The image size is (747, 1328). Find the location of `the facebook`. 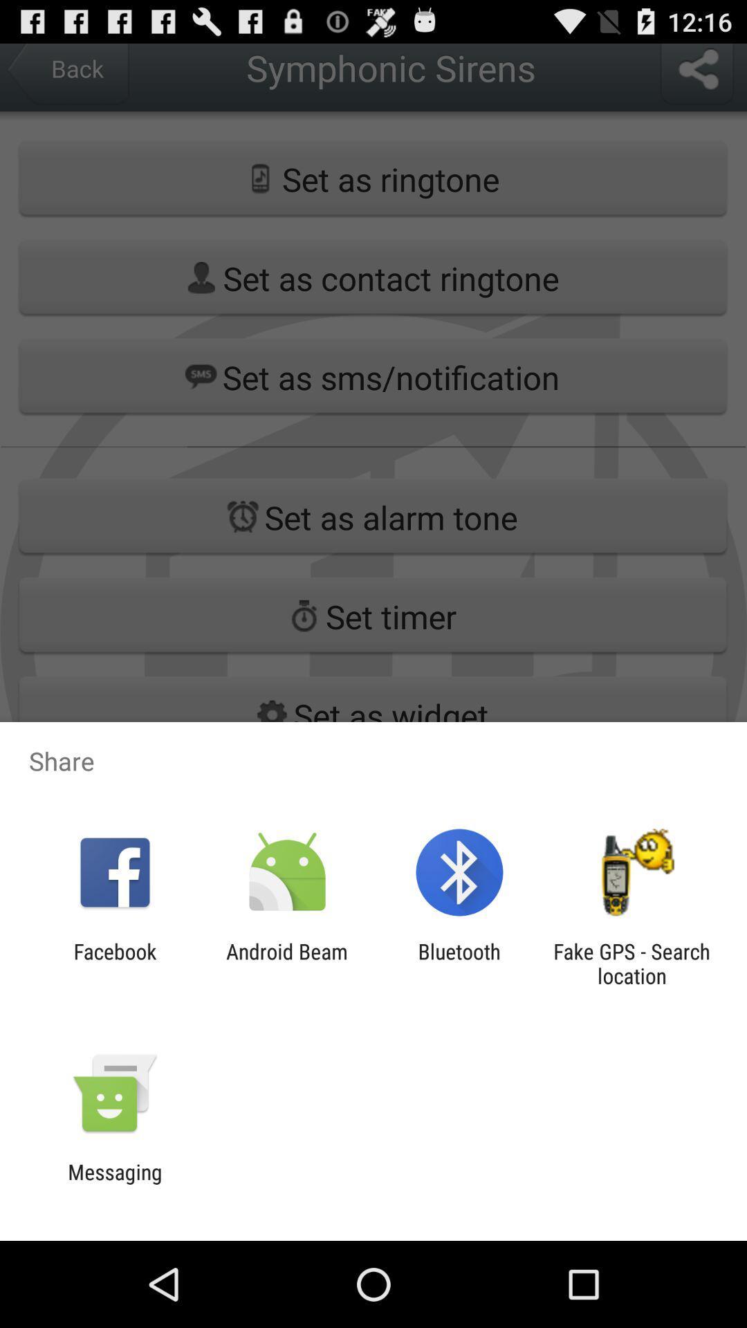

the facebook is located at coordinates (114, 963).